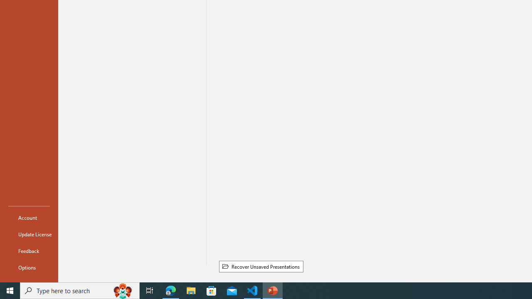  Describe the element at coordinates (261, 266) in the screenshot. I see `'Recover Unsaved Presentations'` at that location.